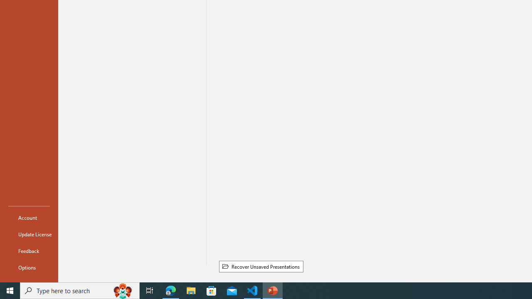  Describe the element at coordinates (261, 266) in the screenshot. I see `'Recover Unsaved Presentations'` at that location.